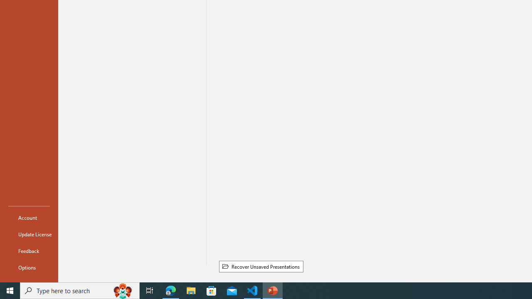  Describe the element at coordinates (261, 266) in the screenshot. I see `'Recover Unsaved Presentations'` at that location.